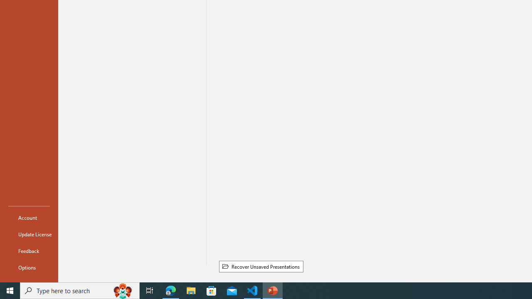  Describe the element at coordinates (261, 266) in the screenshot. I see `'Recover Unsaved Presentations'` at that location.